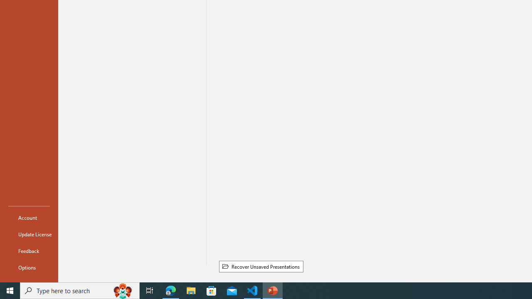  Describe the element at coordinates (261, 266) in the screenshot. I see `'Recover Unsaved Presentations'` at that location.